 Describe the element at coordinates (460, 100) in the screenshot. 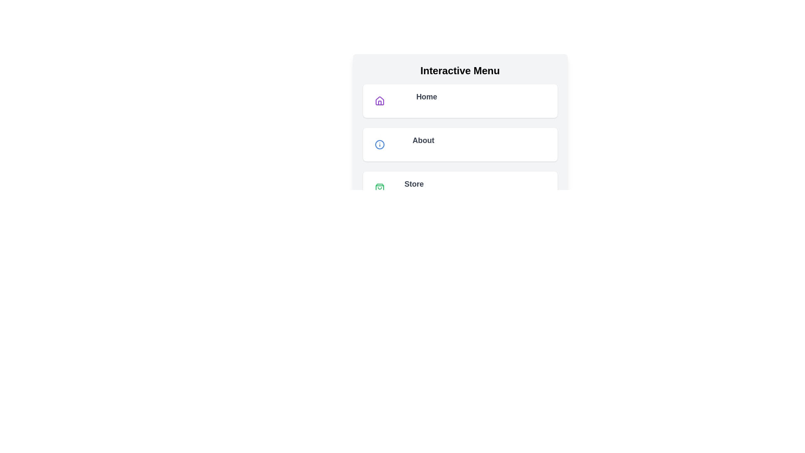

I see `the menu item labeled Home to view its tooltip` at that location.